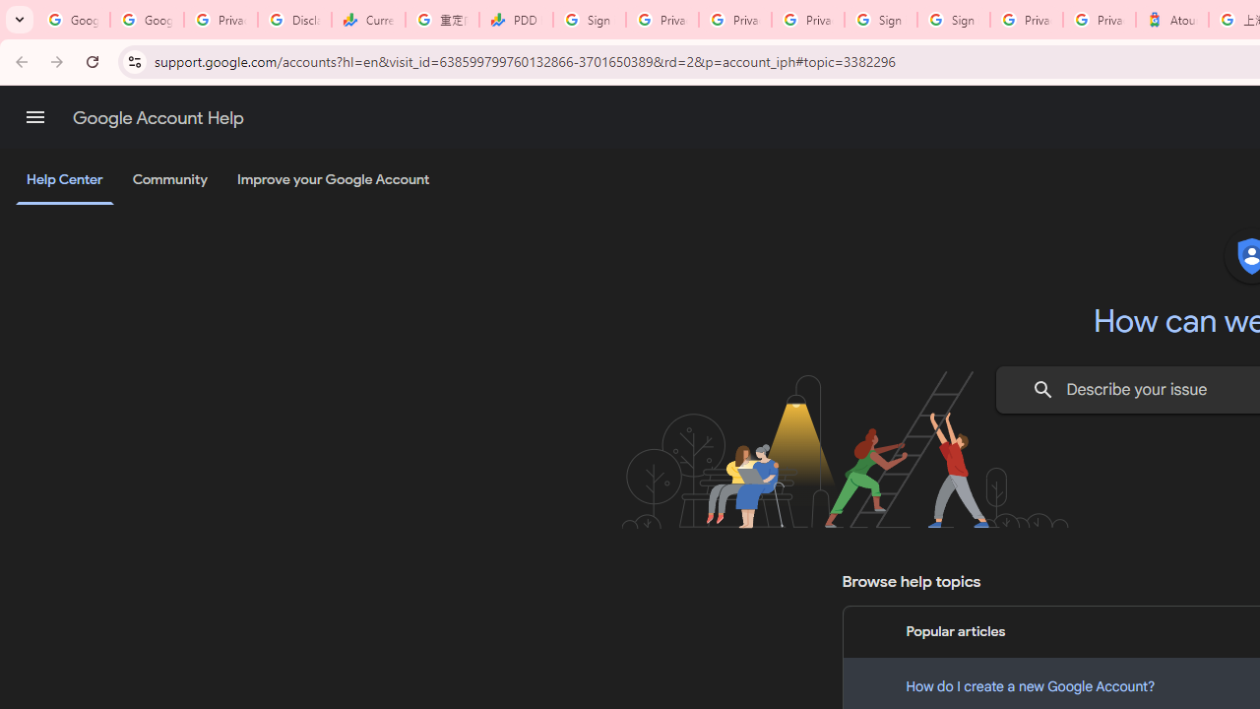 The height and width of the screenshot is (709, 1260). What do you see at coordinates (516, 20) in the screenshot?
I see `'PDD Holdings Inc - ADR (PDD) Price & News - Google Finance'` at bounding box center [516, 20].